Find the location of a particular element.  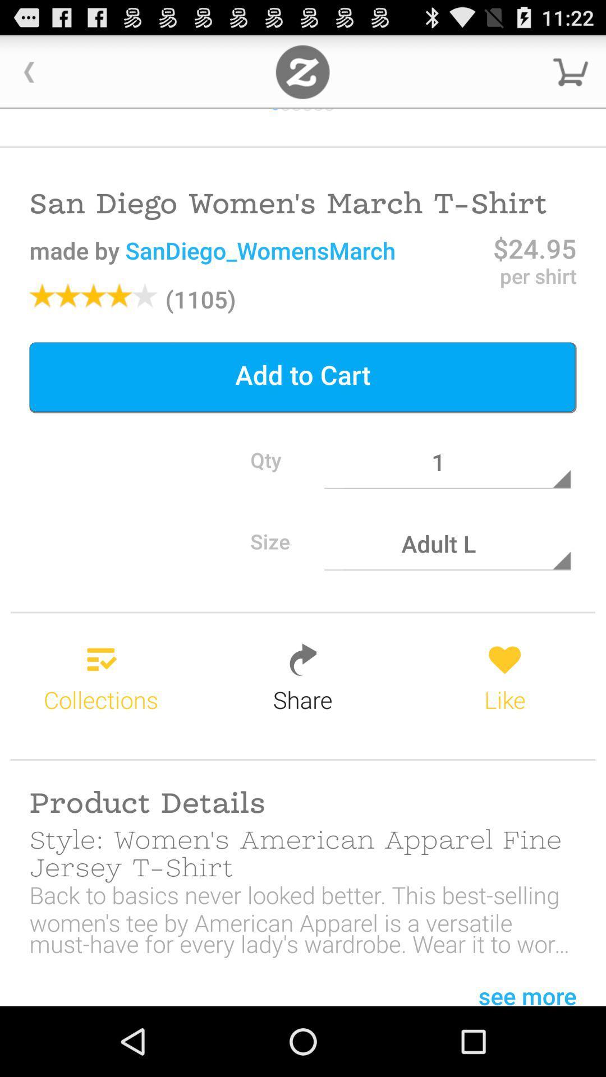

main website page is located at coordinates (302, 71).